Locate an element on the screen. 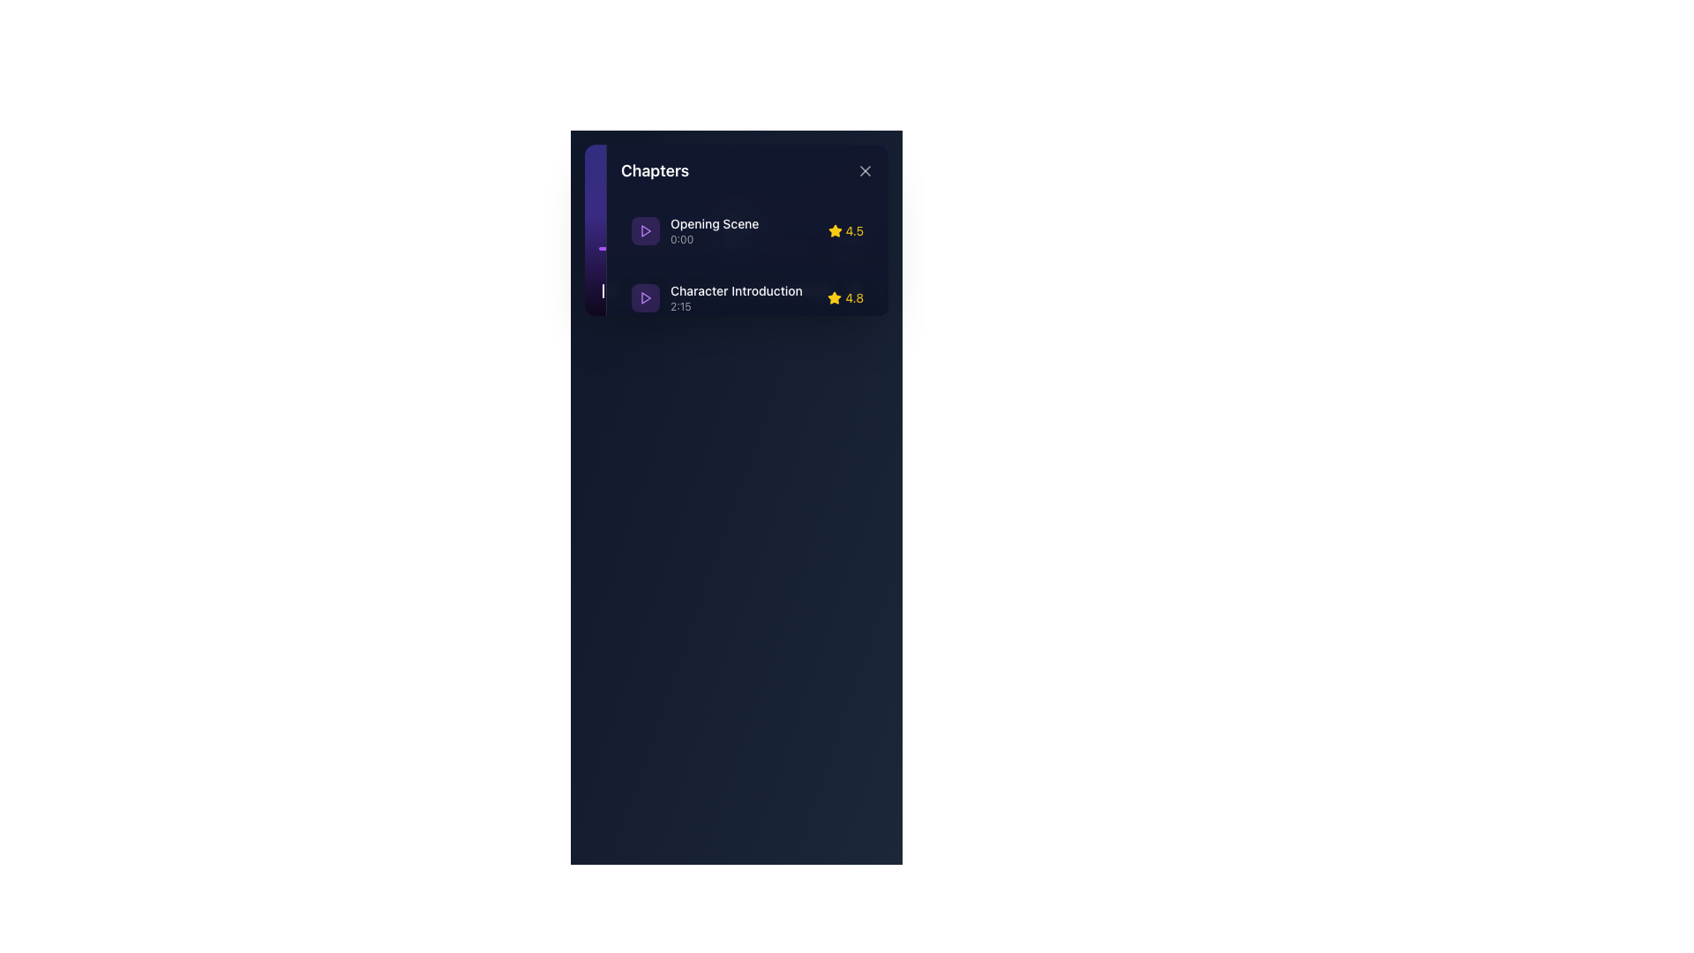  the first list item titled 'Opening Scene' with a subtitle '0:00' and a rating of '4.5' in the 'Chapters' panel to focus on it is located at coordinates (737, 228).